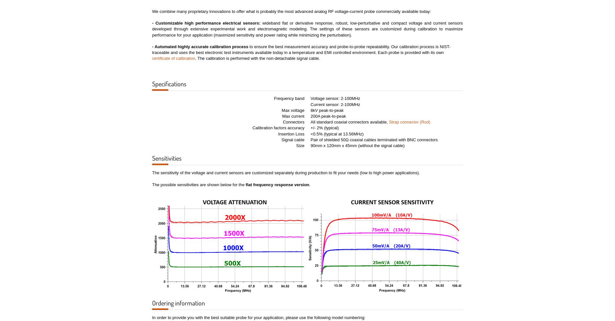  I want to click on '8kV peak-to-peak', so click(327, 110).